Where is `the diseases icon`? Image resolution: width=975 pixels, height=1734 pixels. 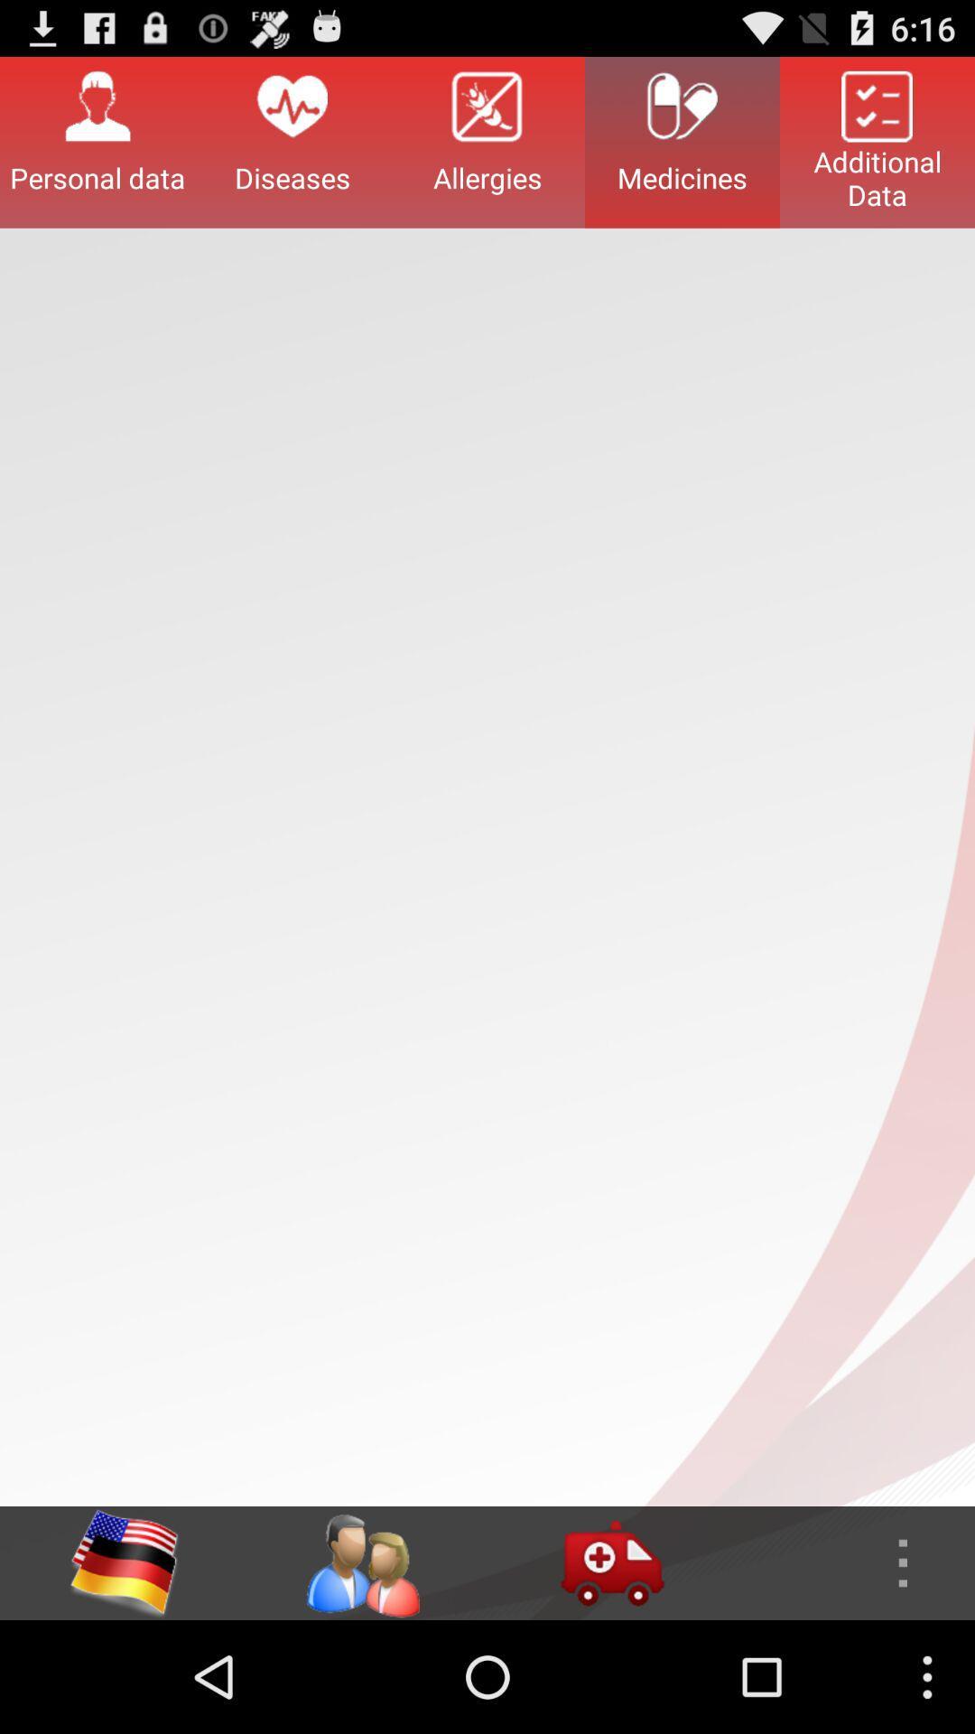
the diseases icon is located at coordinates (292, 141).